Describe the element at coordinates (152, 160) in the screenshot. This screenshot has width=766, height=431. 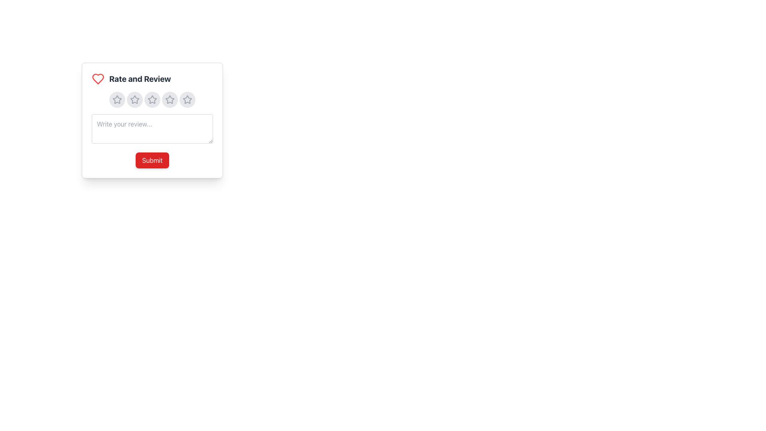
I see `the submission button located at the bottom of the card-like structure` at that location.